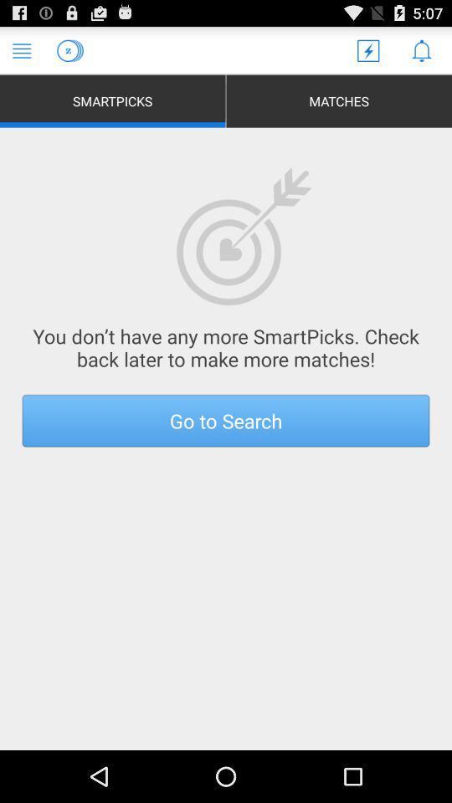 The width and height of the screenshot is (452, 803). What do you see at coordinates (21, 49) in the screenshot?
I see `menu` at bounding box center [21, 49].